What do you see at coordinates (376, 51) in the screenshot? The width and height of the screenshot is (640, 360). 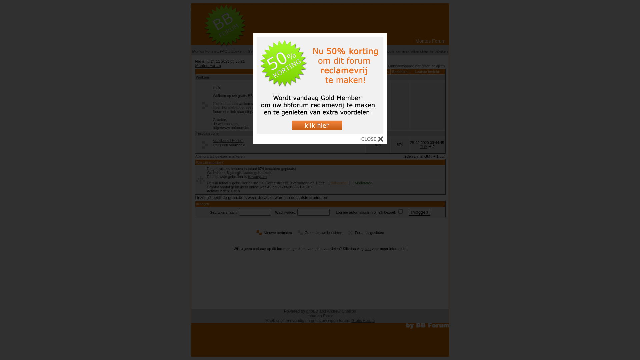 I see `'Profiel'` at bounding box center [376, 51].